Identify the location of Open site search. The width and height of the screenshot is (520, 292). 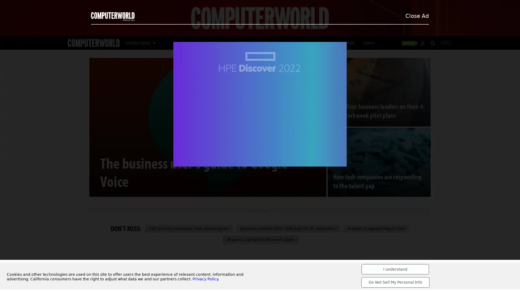
(433, 43).